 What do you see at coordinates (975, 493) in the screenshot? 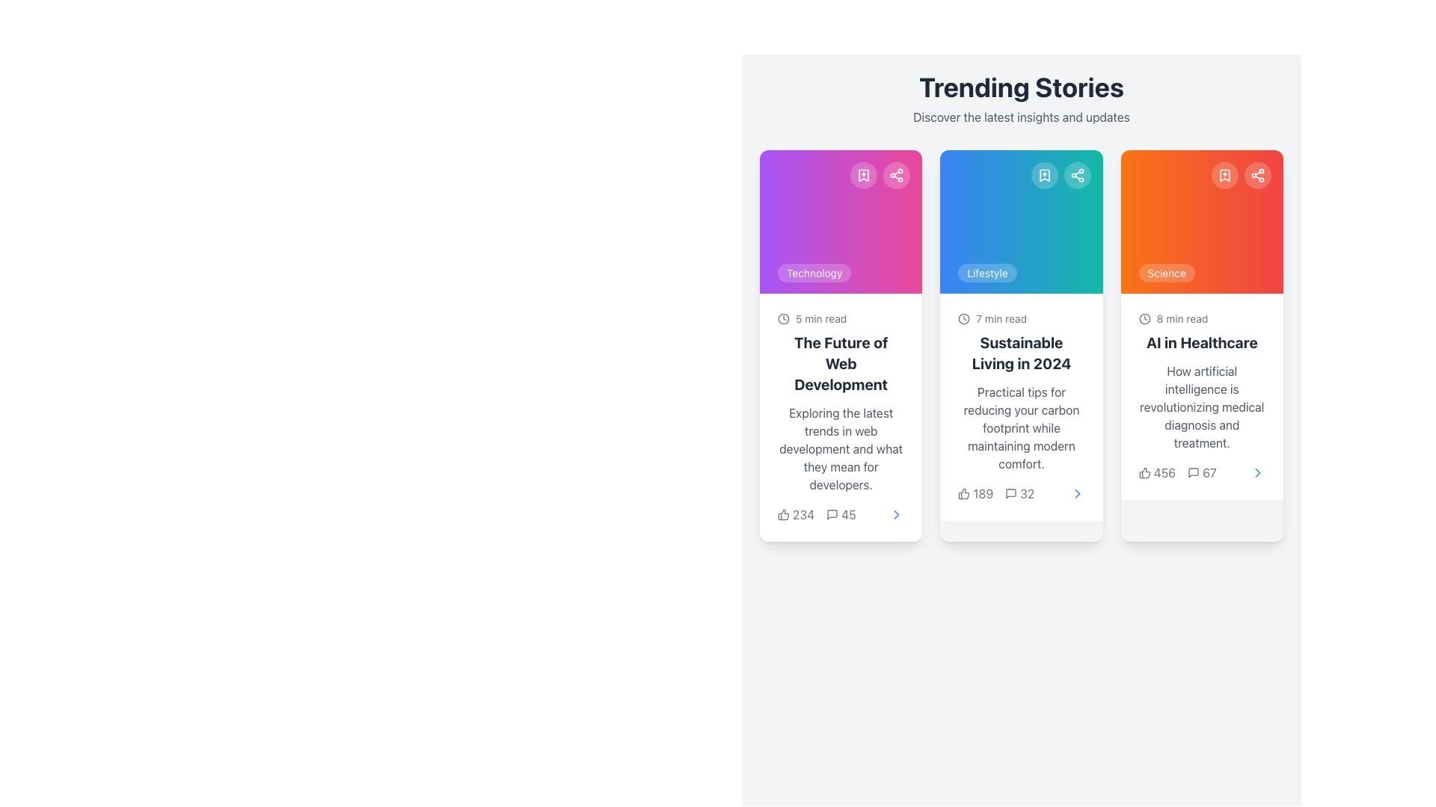
I see `numeric value '189' displayed in gray color, which is the first statistics item under the card titled 'Sustainable Living in 2024'` at bounding box center [975, 493].